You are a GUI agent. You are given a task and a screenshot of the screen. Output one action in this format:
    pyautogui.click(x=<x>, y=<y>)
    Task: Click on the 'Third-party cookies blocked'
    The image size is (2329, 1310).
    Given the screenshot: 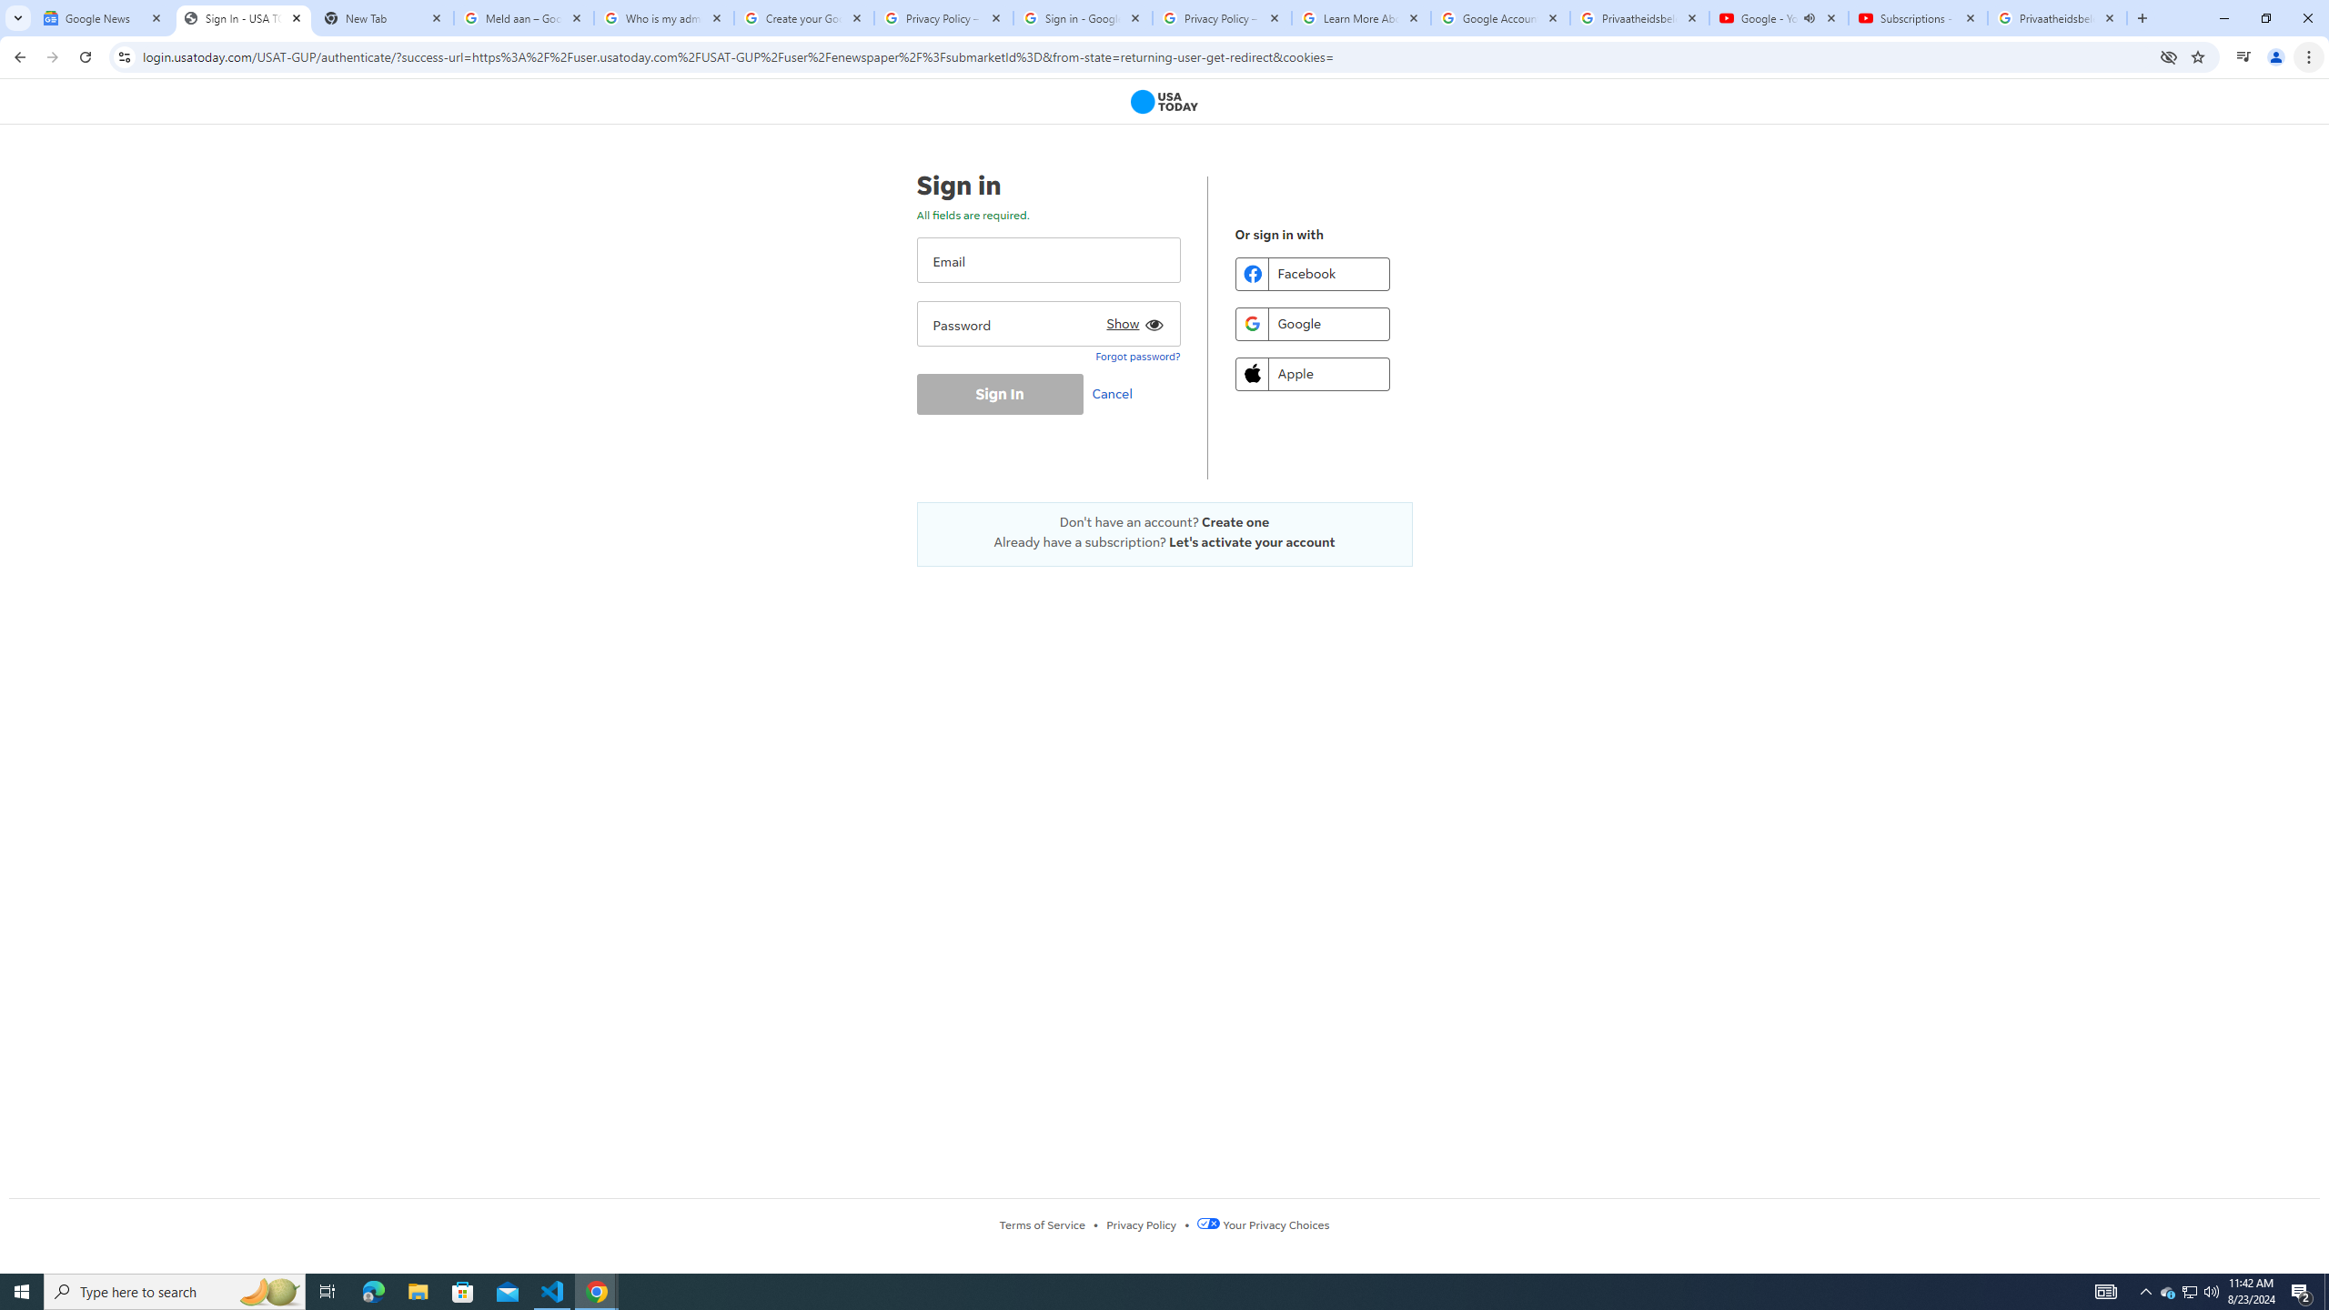 What is the action you would take?
    pyautogui.click(x=2169, y=55)
    